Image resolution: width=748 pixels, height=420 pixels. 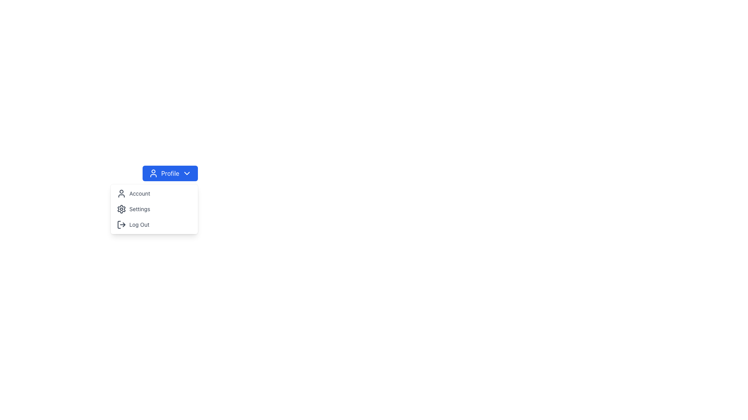 I want to click on the person silhouette icon embedded within the blue rectangular 'Profile' button, located at the far left of the button, so click(x=153, y=173).